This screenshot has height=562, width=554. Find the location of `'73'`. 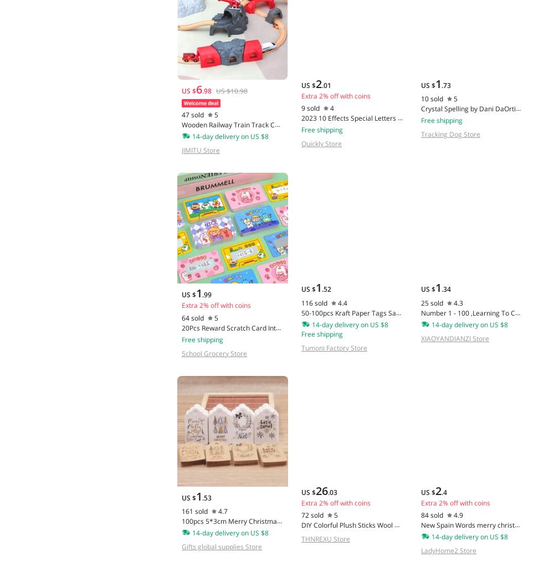

'73' is located at coordinates (447, 84).